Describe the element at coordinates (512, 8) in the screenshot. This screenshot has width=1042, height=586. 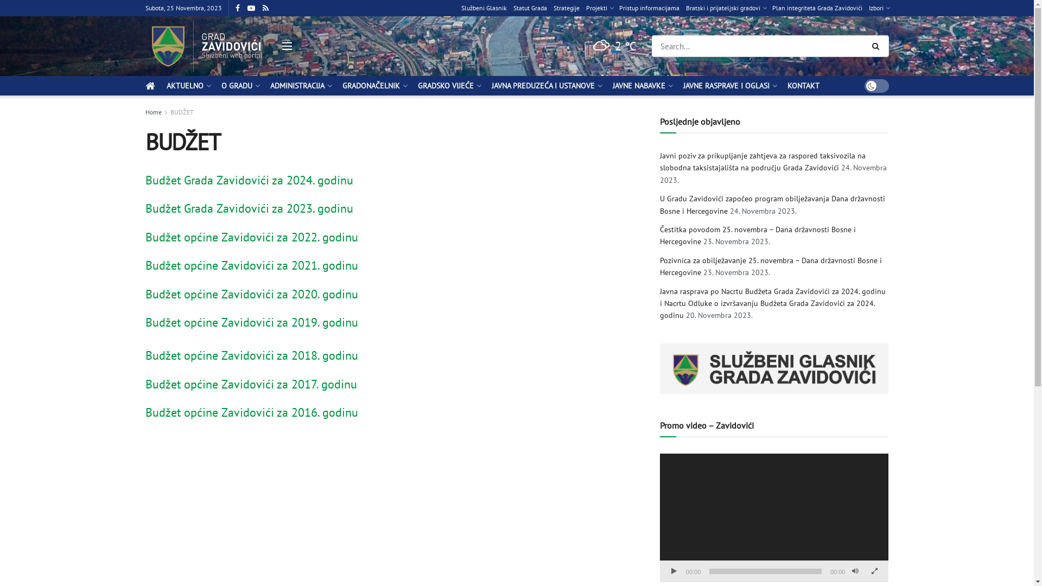
I see `'Statut Grada'` at that location.